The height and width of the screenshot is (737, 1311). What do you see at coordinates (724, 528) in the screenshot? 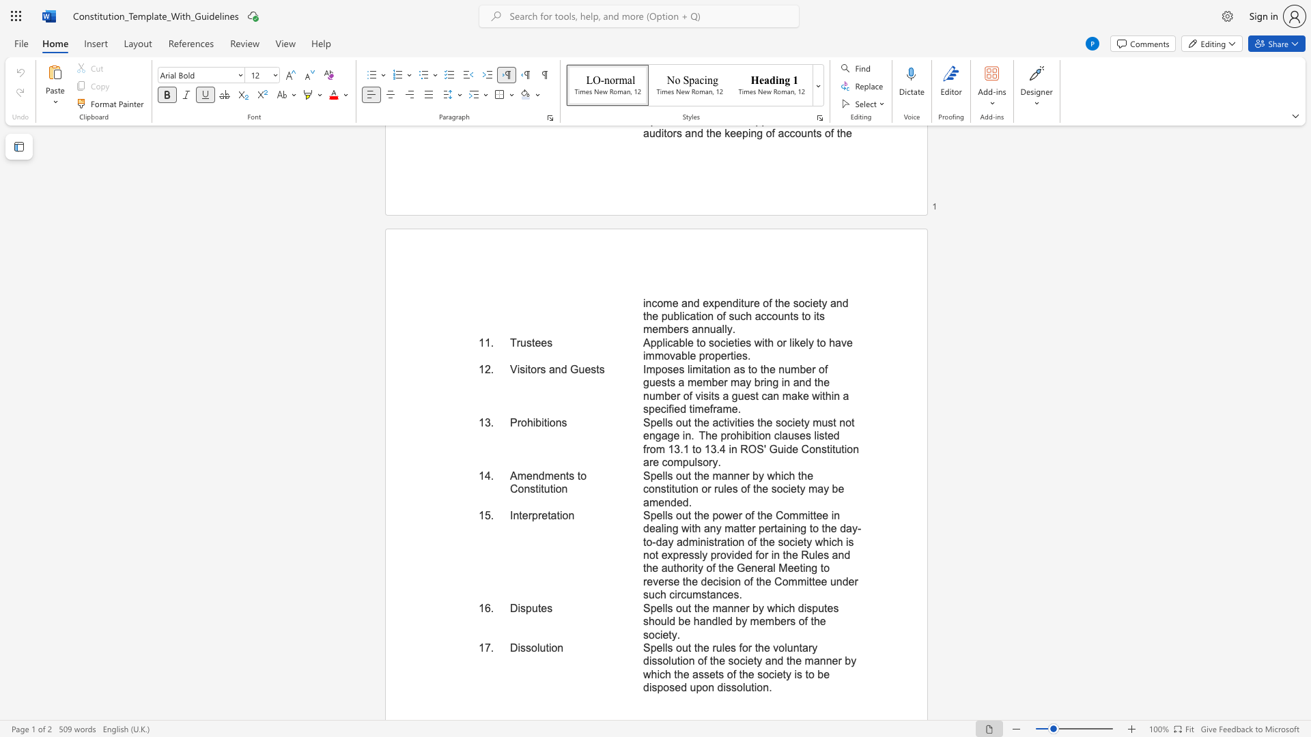
I see `the subset text "matter pertaining to the day-to-day administration of the society which is not expressly provided for in the Rules and the authority of the General Meeting to reverse the decision of the Commit" within the text "Spells out the power of the Committee in dealing with any matter pertaining to the day-to-day administration of the society which is not expressly provided for in the Rules and the authority of the General Meeting to reverse the decision of the Committee under such circumstances."` at bounding box center [724, 528].